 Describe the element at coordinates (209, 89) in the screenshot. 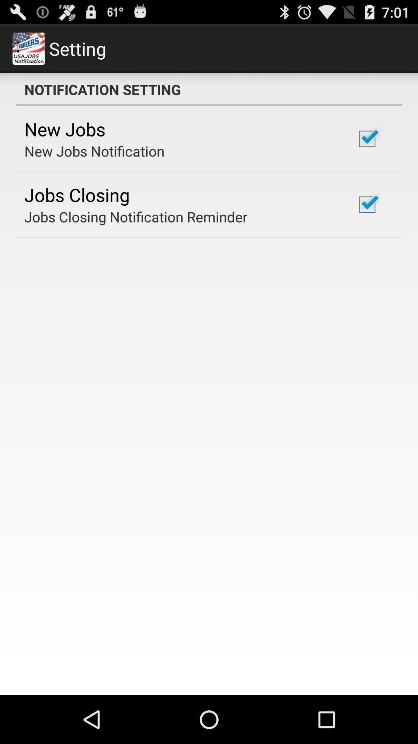

I see `the notification setting` at that location.